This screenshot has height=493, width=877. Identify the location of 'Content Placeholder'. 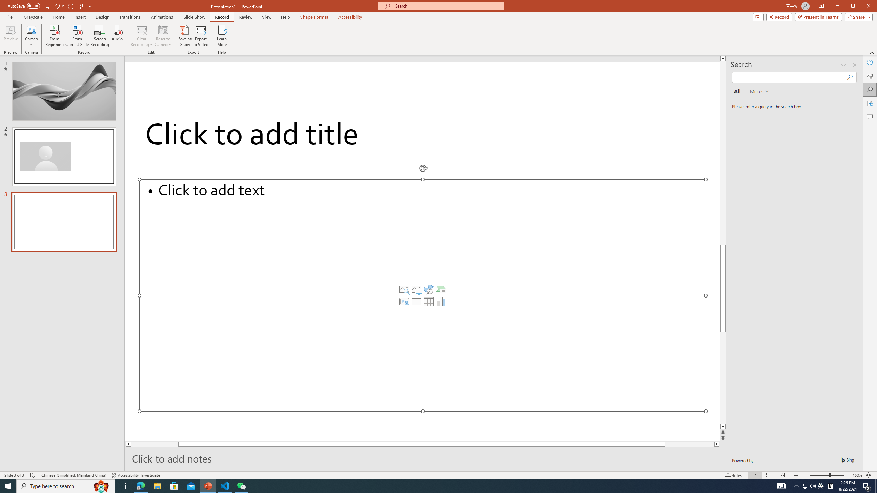
(422, 295).